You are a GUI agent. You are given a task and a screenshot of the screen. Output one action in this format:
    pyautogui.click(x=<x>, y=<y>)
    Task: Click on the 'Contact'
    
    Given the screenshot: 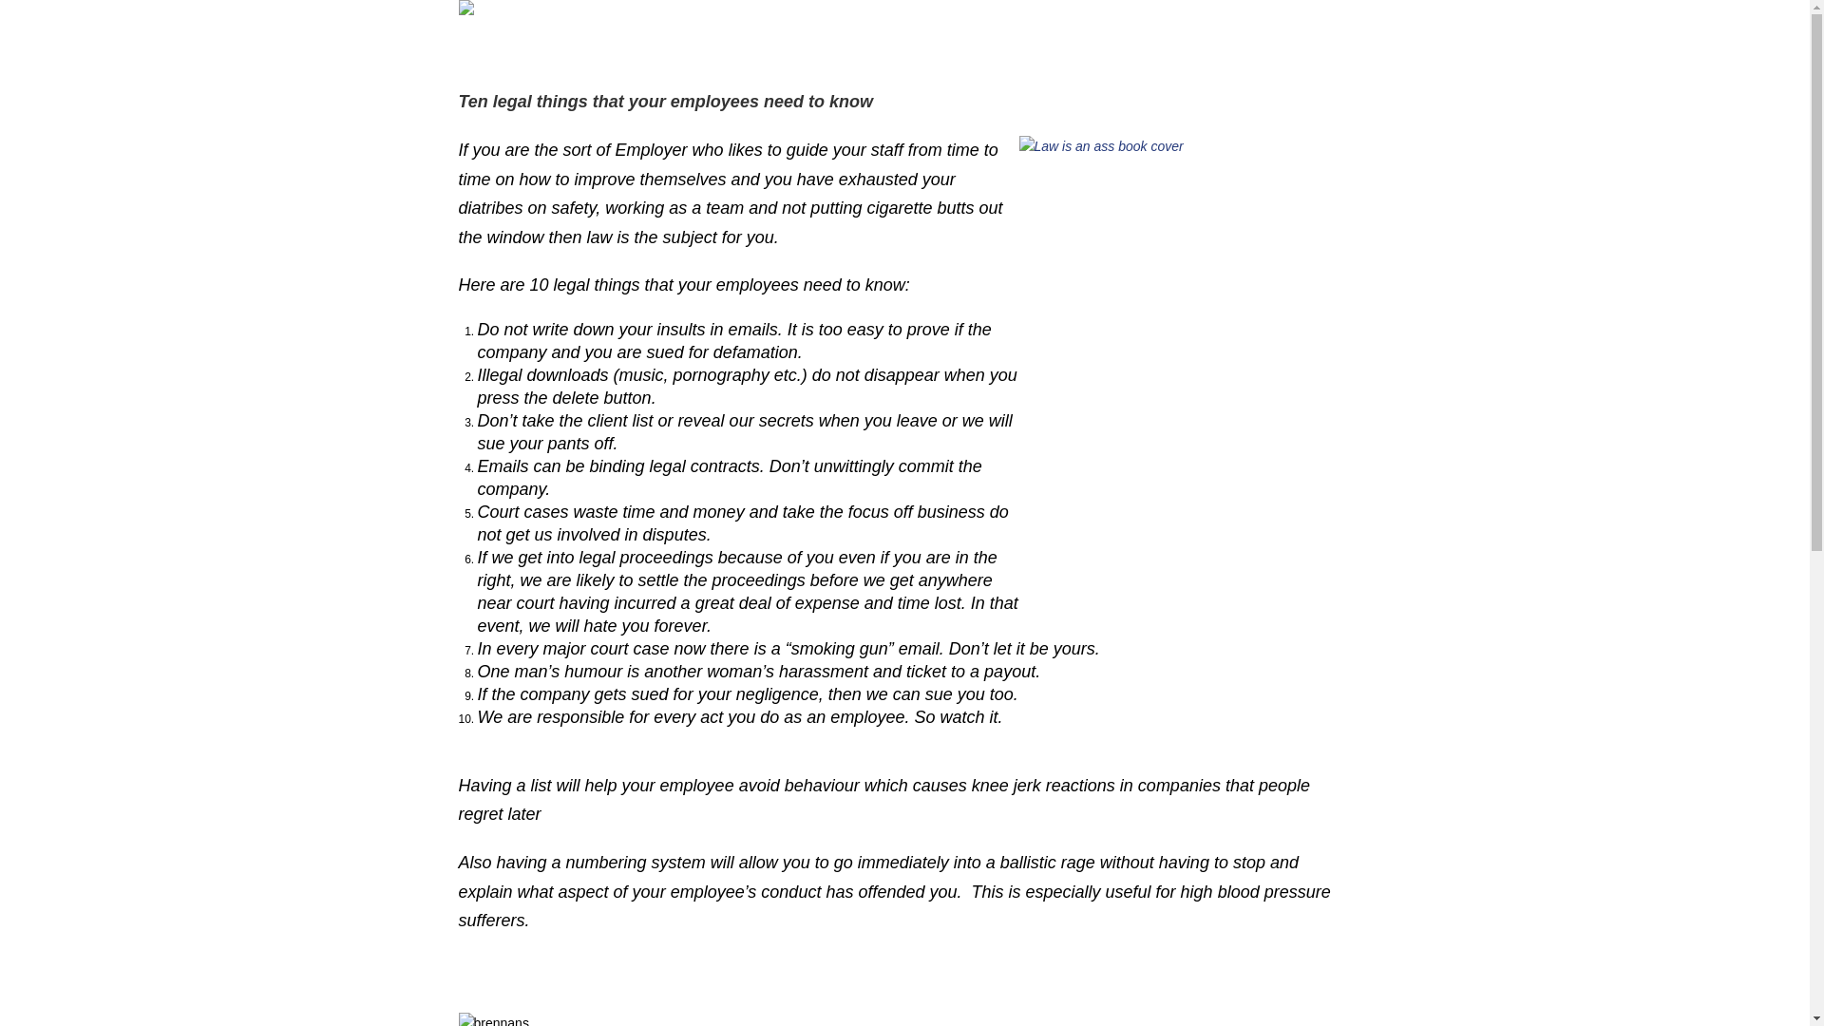 What is the action you would take?
    pyautogui.click(x=1162, y=40)
    